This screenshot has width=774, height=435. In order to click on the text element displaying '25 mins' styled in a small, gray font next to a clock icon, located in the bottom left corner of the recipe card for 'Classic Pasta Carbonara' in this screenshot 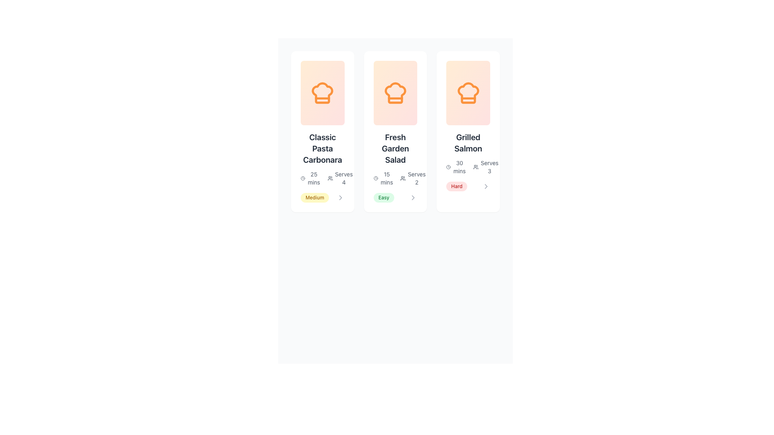, I will do `click(310, 178)`.